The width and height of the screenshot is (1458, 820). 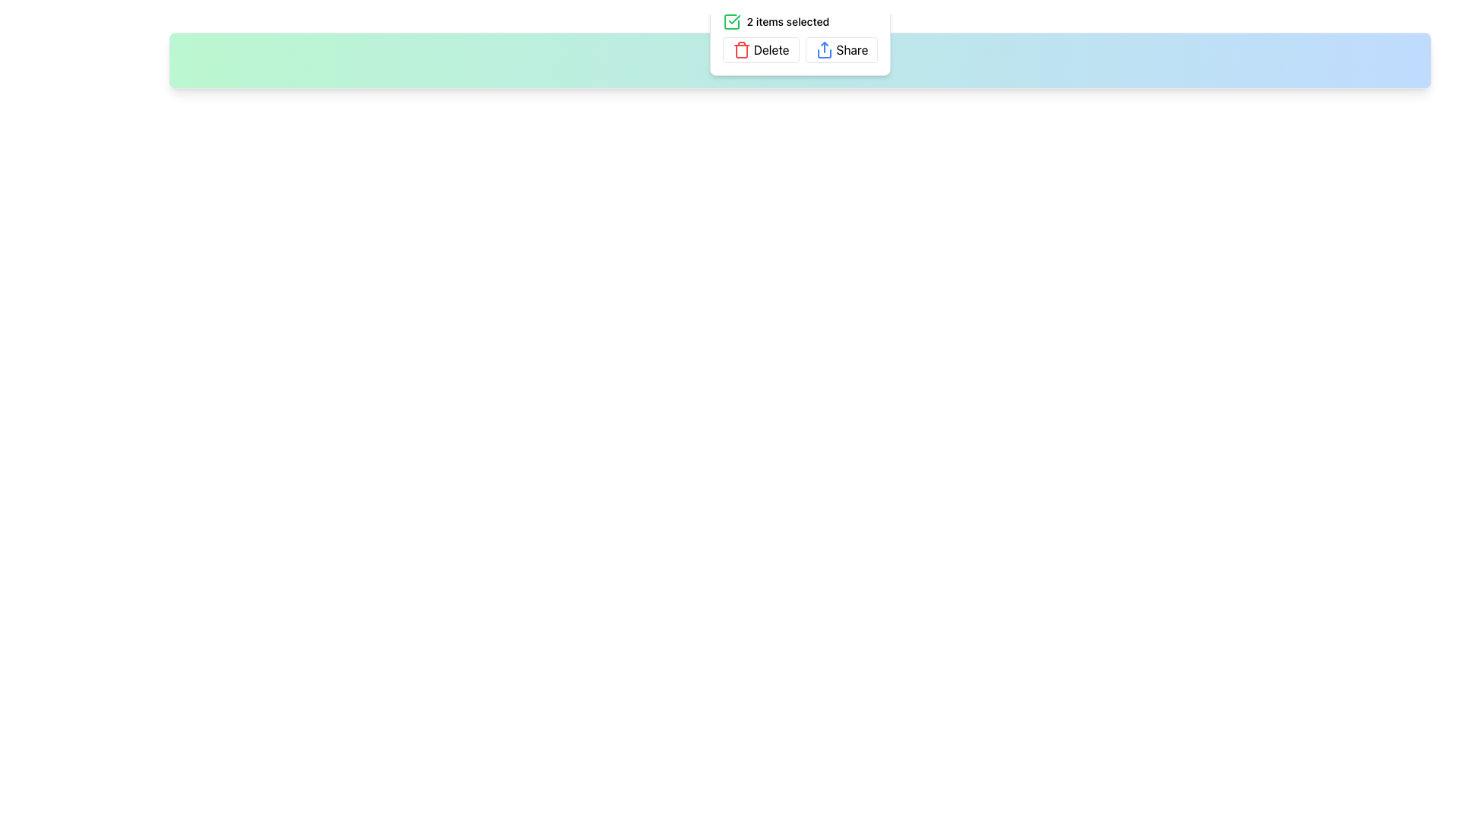 I want to click on the 'Delete' label that is prominently styled in black and positioned between a trash can icon and a 'Share' button, so click(x=772, y=49).